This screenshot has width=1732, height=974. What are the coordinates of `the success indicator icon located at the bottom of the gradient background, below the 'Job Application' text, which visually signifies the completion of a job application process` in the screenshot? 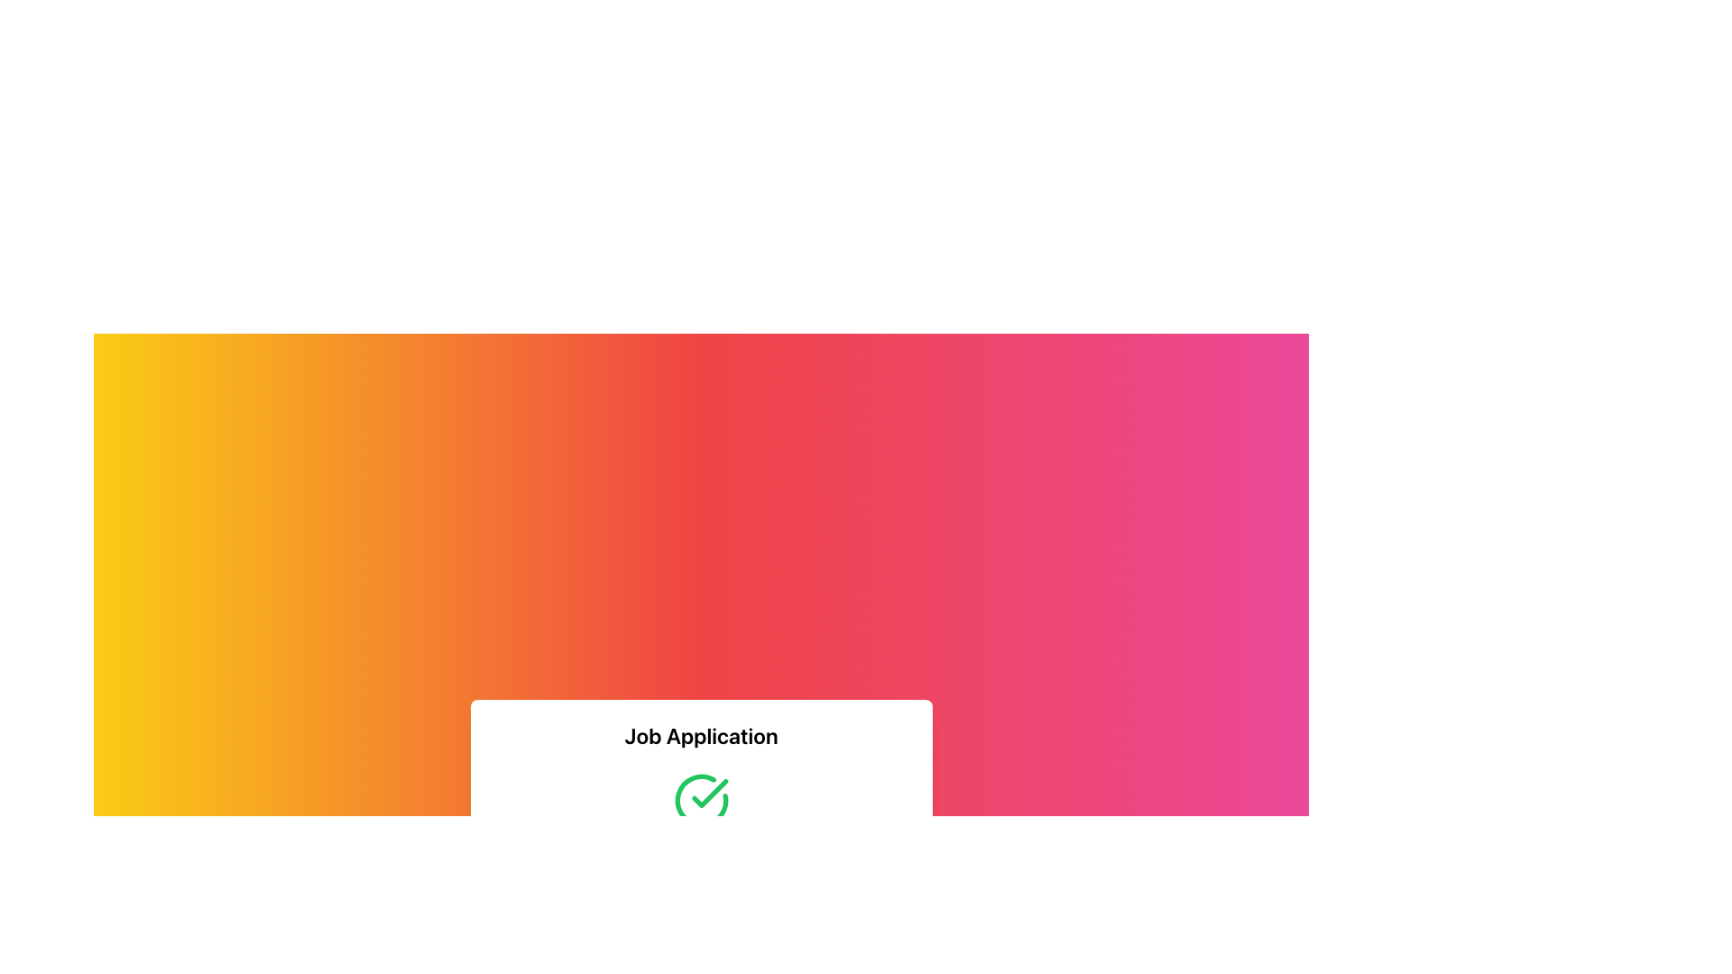 It's located at (700, 799).